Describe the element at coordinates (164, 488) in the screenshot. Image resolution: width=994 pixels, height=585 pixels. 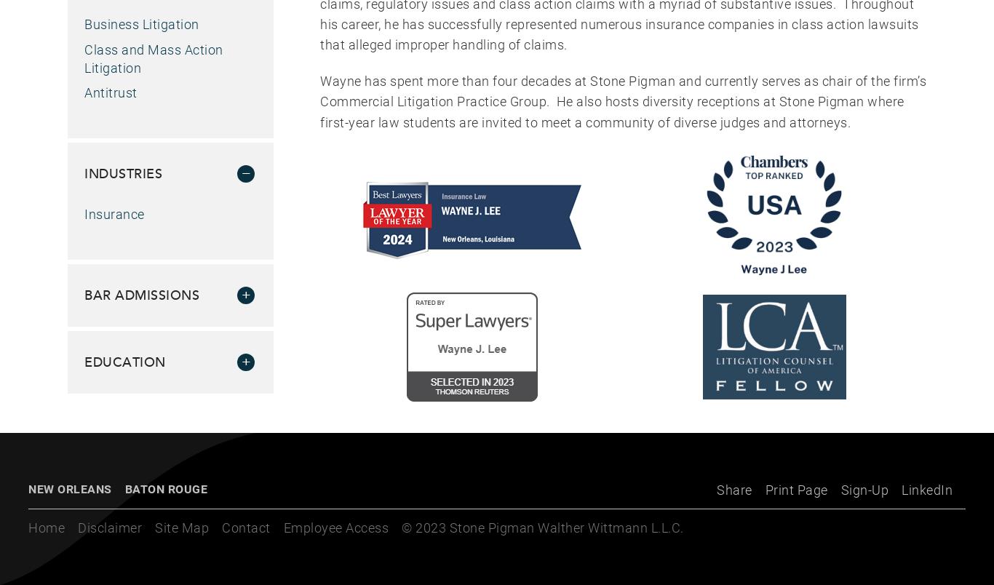
I see `'Baton Rouge'` at that location.